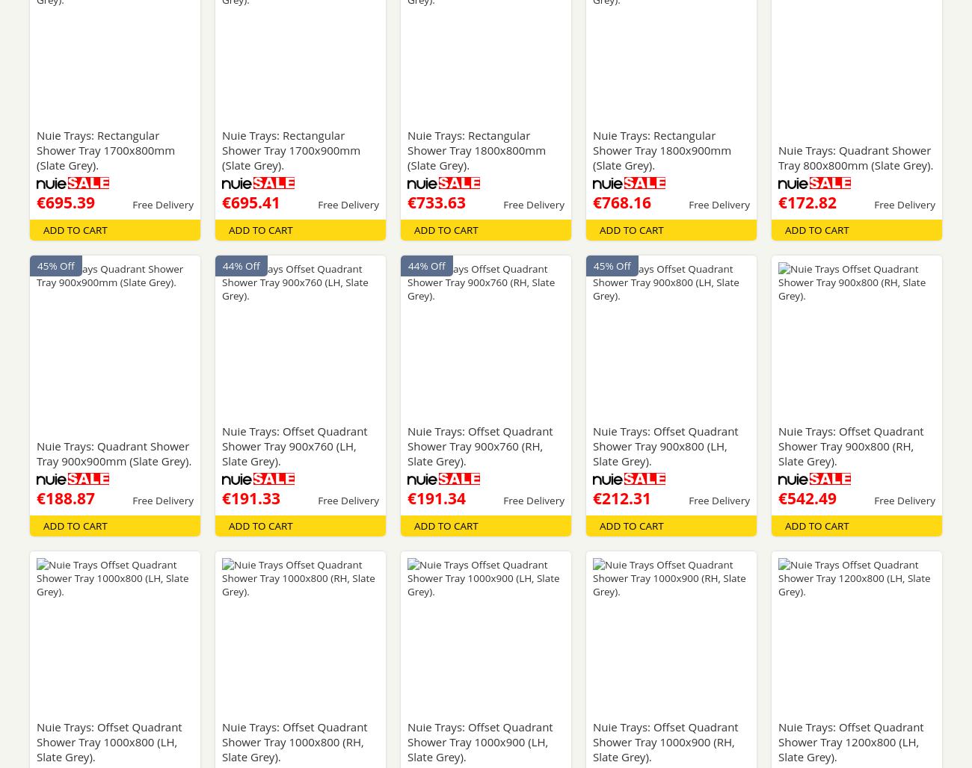  I want to click on 'Nuie Trays: Rectangular Shower Tray 1800x900mm (Slate Grey).', so click(661, 149).